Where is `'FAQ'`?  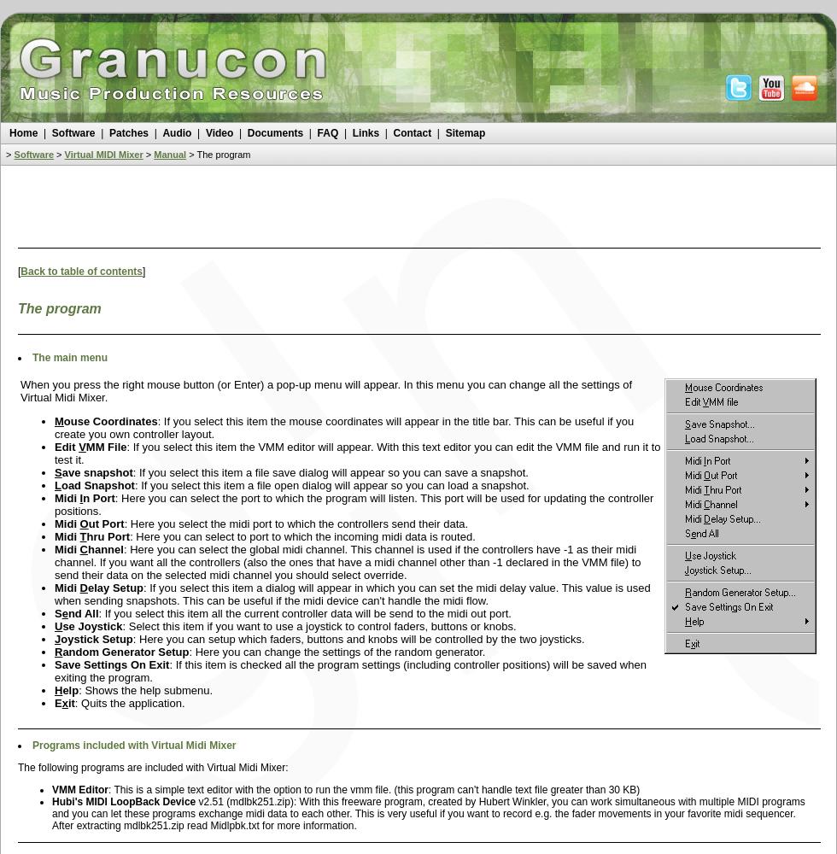 'FAQ' is located at coordinates (327, 133).